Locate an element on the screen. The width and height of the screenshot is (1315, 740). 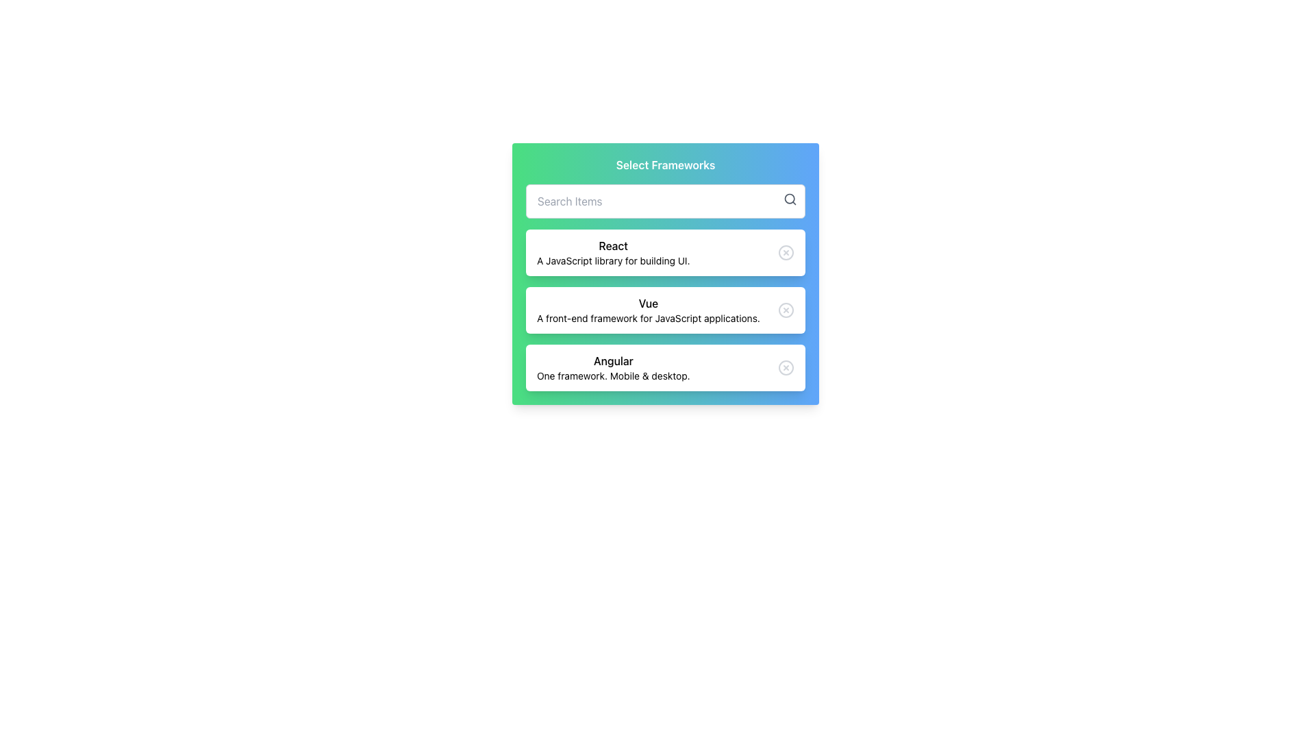
the smaller inner circle of the magnifying glass icon located at the top-right corner of the search input field is located at coordinates (790, 199).